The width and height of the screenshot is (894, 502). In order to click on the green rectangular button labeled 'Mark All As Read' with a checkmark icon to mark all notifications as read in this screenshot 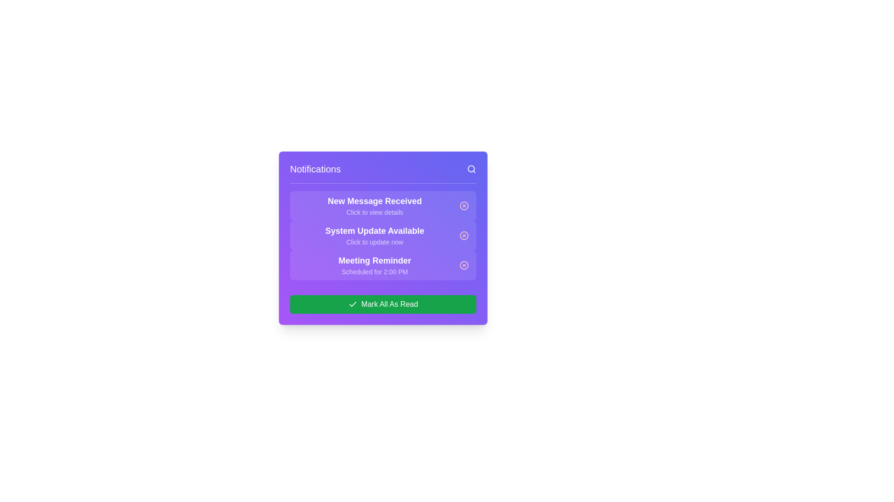, I will do `click(383, 301)`.